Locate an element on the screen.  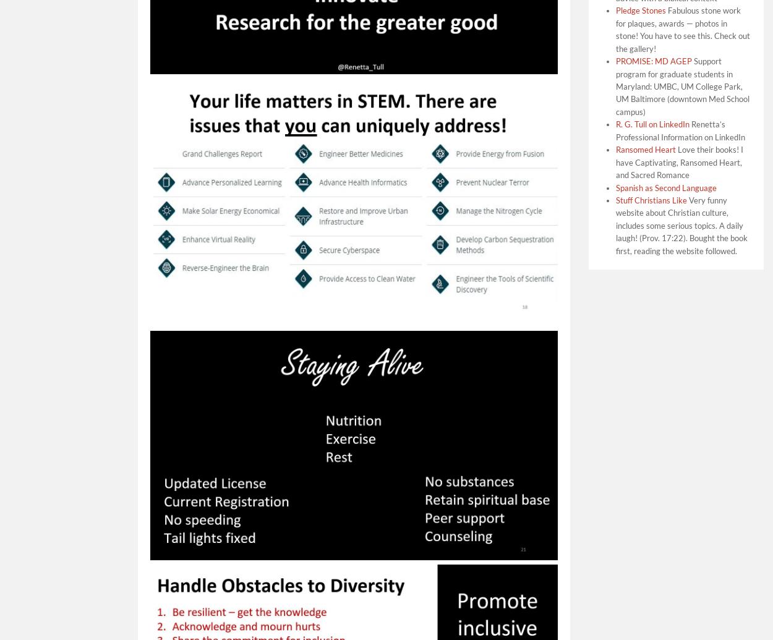
'Support program for graduate students in Maryland: UMBC, UM College Park, UM Baltimore (downtown Med School campus)' is located at coordinates (682, 86).